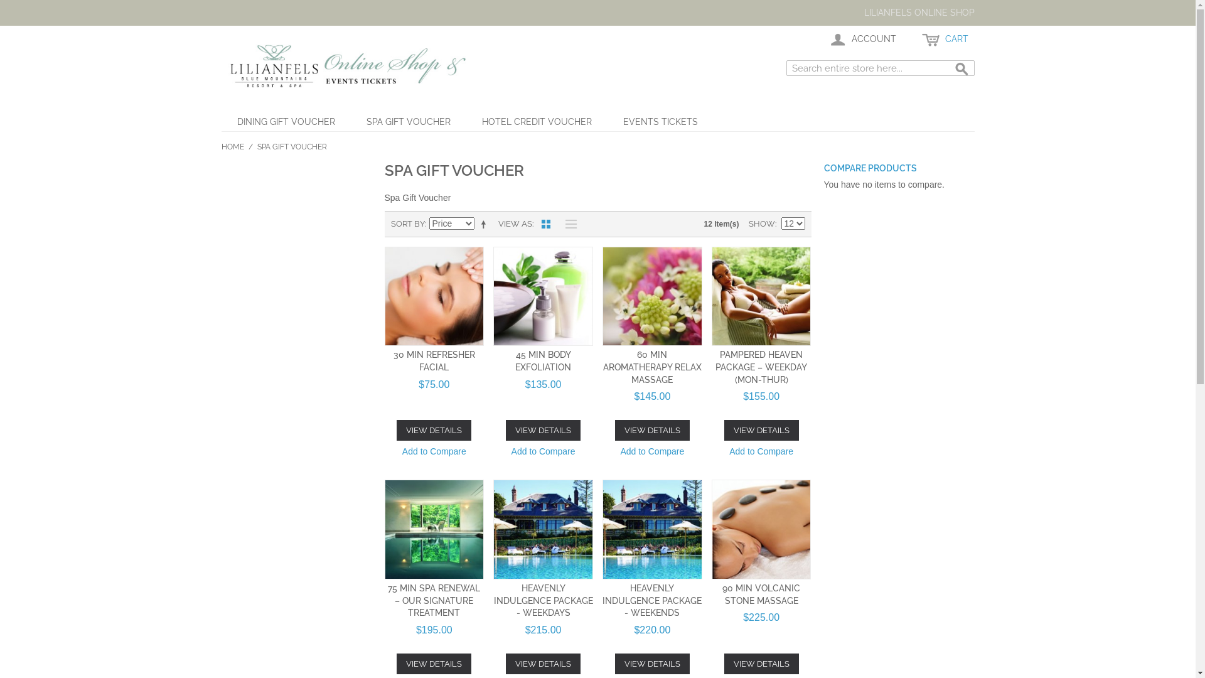 Image resolution: width=1205 pixels, height=678 pixels. I want to click on '45 MIN BODY EXFOLIATION', so click(543, 360).